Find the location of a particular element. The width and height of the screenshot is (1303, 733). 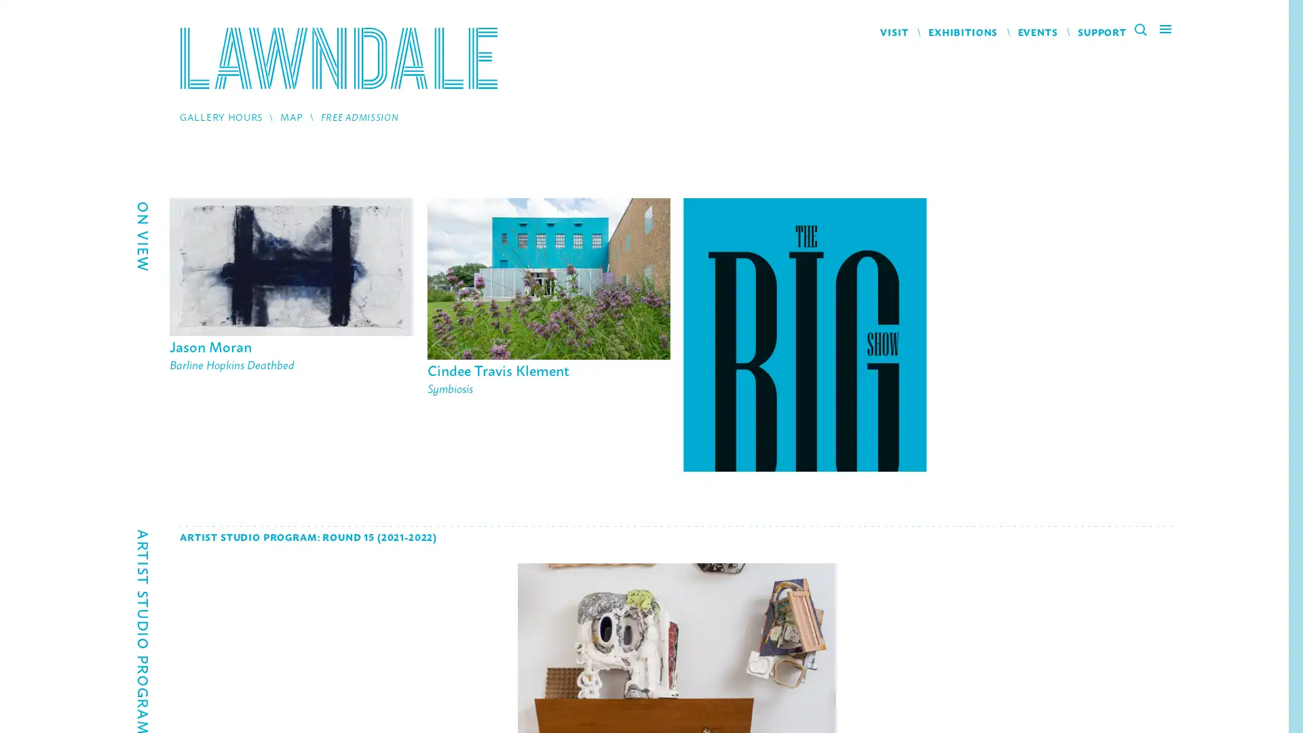

Search is located at coordinates (1145, 31).